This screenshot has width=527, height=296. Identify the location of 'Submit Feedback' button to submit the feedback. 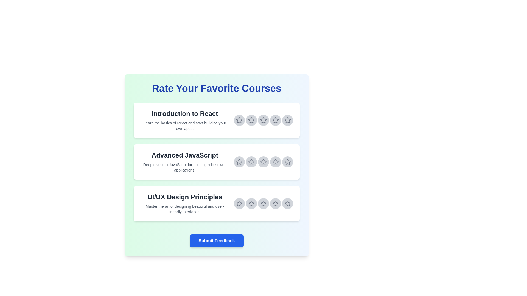
(216, 241).